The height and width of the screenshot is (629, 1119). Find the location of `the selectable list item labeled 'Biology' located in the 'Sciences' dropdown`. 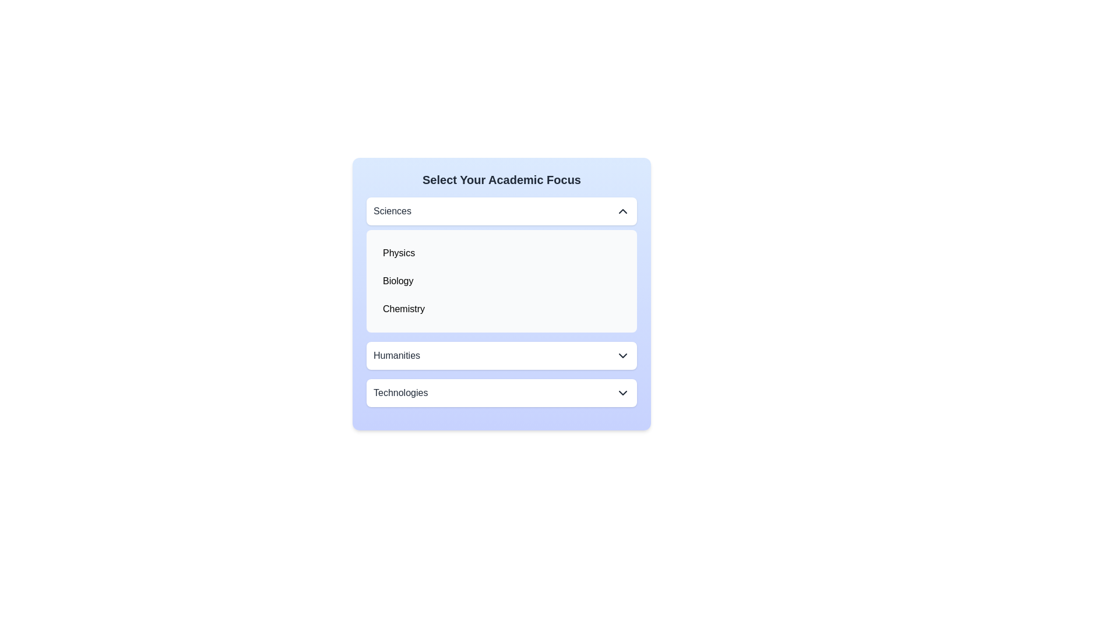

the selectable list item labeled 'Biology' located in the 'Sciences' dropdown is located at coordinates (398, 281).